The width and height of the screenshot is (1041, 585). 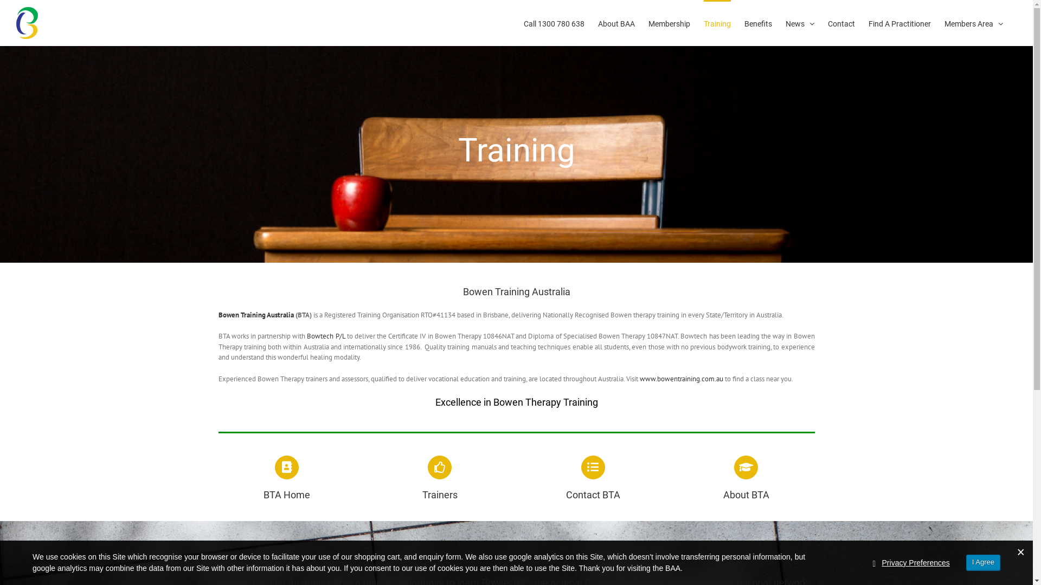 What do you see at coordinates (757, 23) in the screenshot?
I see `'Benefits'` at bounding box center [757, 23].